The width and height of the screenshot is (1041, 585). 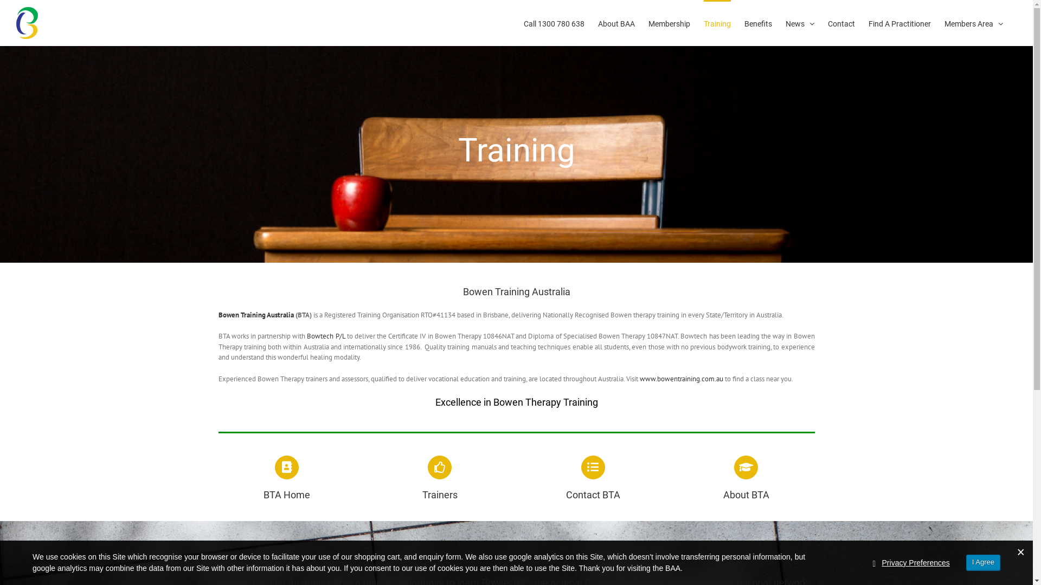 What do you see at coordinates (757, 23) in the screenshot?
I see `'Benefits'` at bounding box center [757, 23].